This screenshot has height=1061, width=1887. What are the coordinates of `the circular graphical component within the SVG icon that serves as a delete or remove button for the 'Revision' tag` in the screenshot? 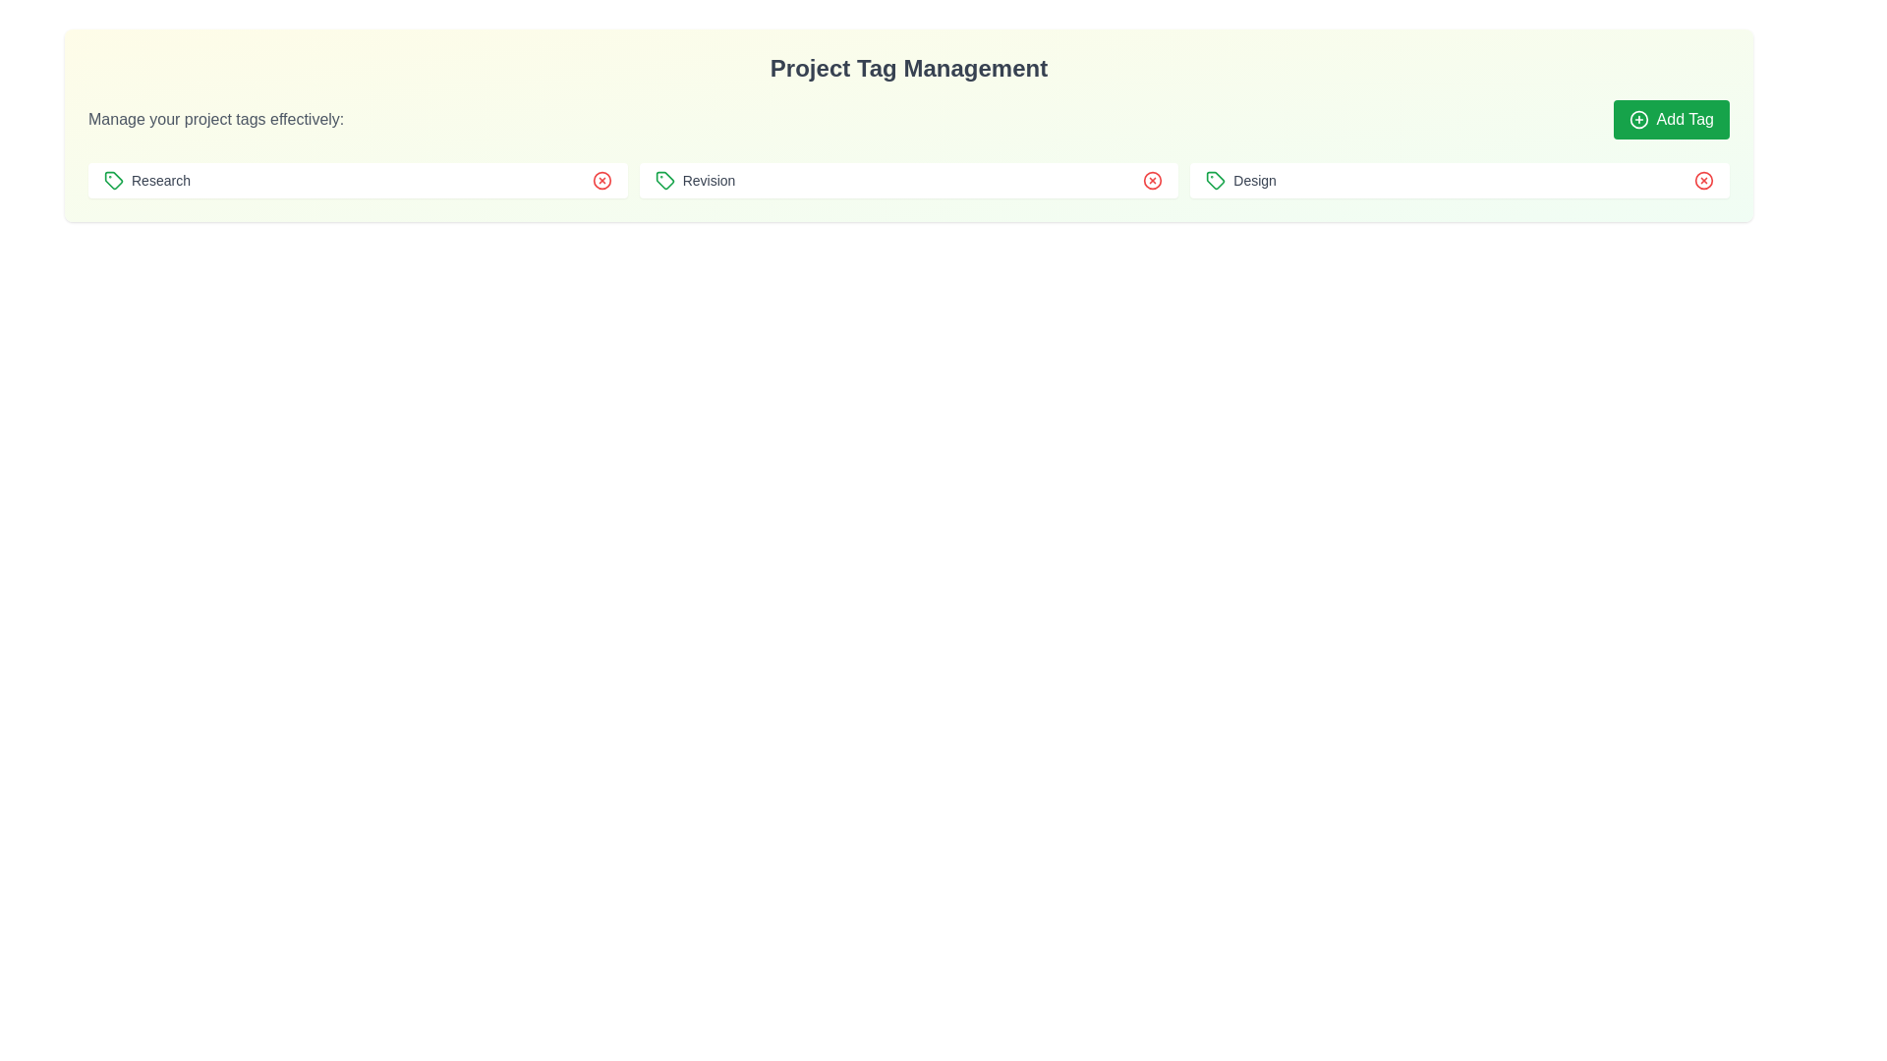 It's located at (1153, 181).